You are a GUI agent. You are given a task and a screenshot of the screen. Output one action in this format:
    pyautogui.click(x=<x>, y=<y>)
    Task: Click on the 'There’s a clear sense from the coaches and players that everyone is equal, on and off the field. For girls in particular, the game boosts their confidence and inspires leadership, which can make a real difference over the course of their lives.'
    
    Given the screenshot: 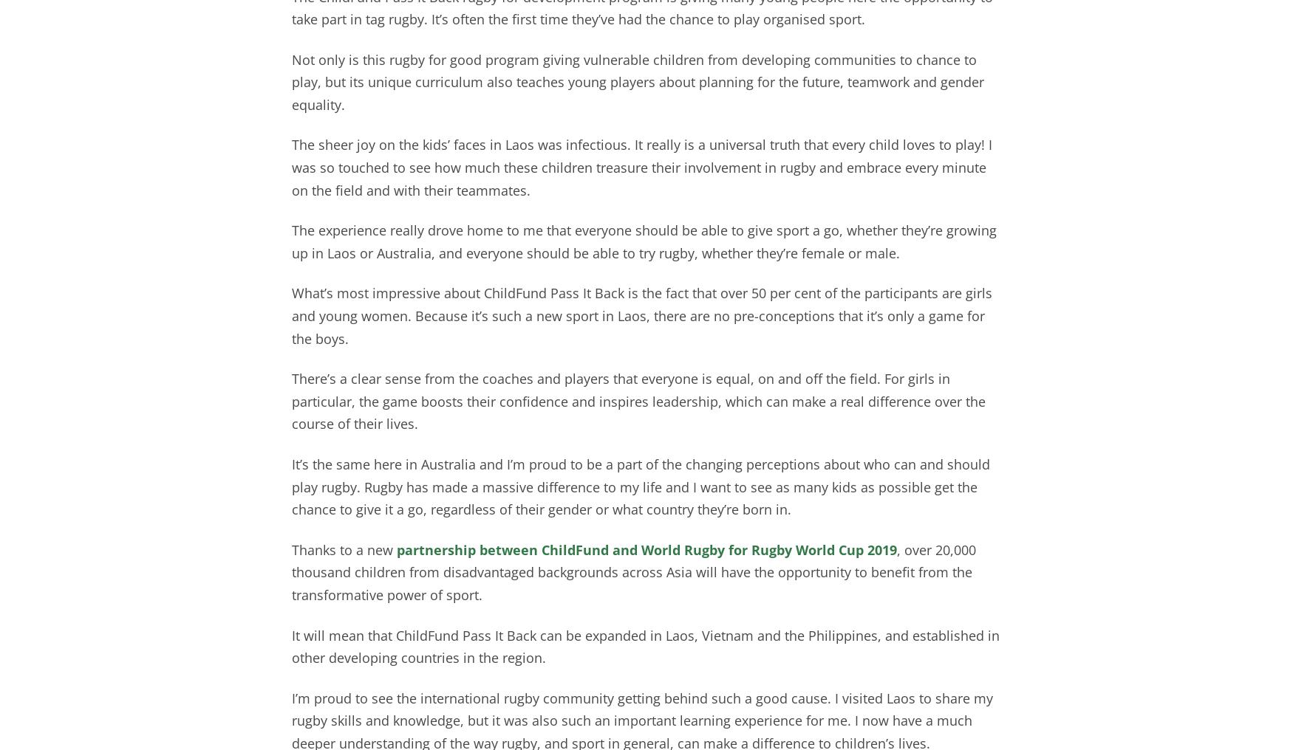 What is the action you would take?
    pyautogui.click(x=638, y=400)
    